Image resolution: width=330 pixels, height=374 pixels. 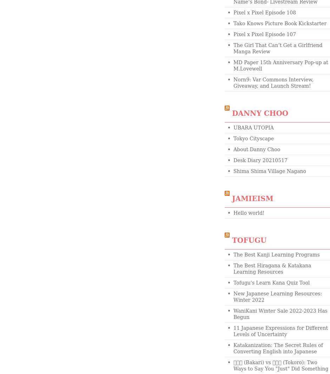 I want to click on 'Jamieism', so click(x=252, y=198).